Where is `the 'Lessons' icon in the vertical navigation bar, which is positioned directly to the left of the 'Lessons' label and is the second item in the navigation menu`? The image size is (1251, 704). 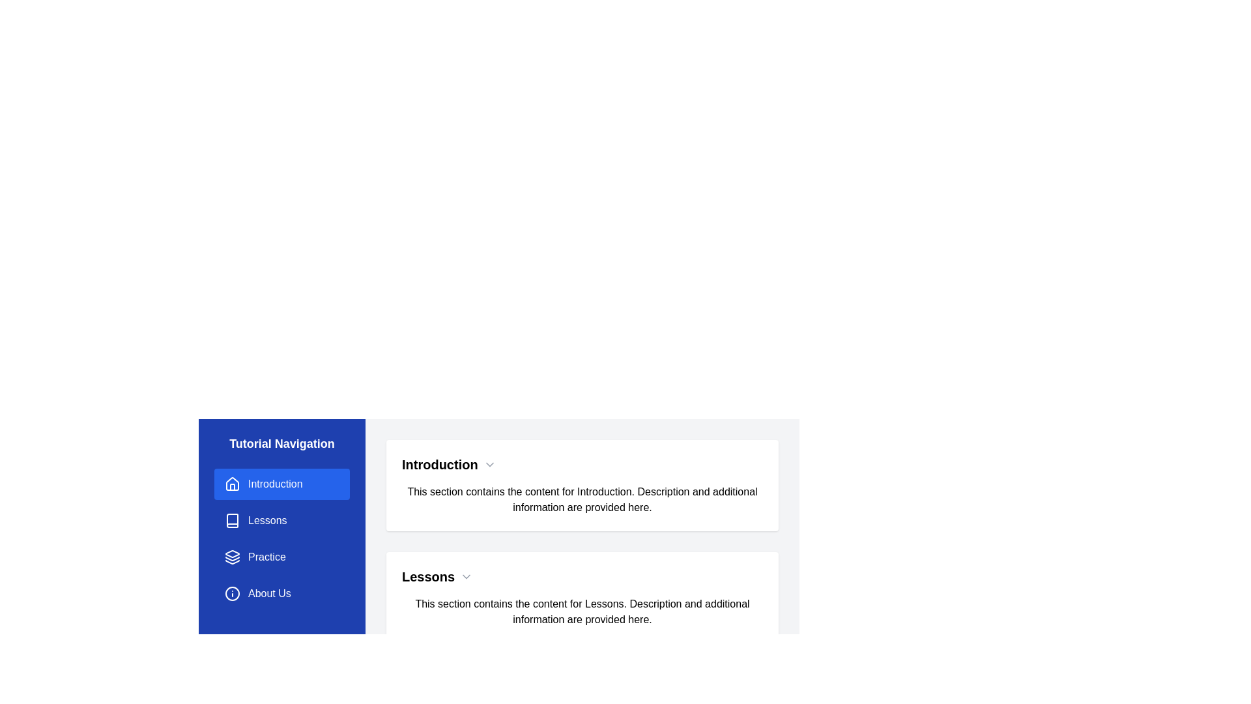 the 'Lessons' icon in the vertical navigation bar, which is positioned directly to the left of the 'Lessons' label and is the second item in the navigation menu is located at coordinates (232, 520).